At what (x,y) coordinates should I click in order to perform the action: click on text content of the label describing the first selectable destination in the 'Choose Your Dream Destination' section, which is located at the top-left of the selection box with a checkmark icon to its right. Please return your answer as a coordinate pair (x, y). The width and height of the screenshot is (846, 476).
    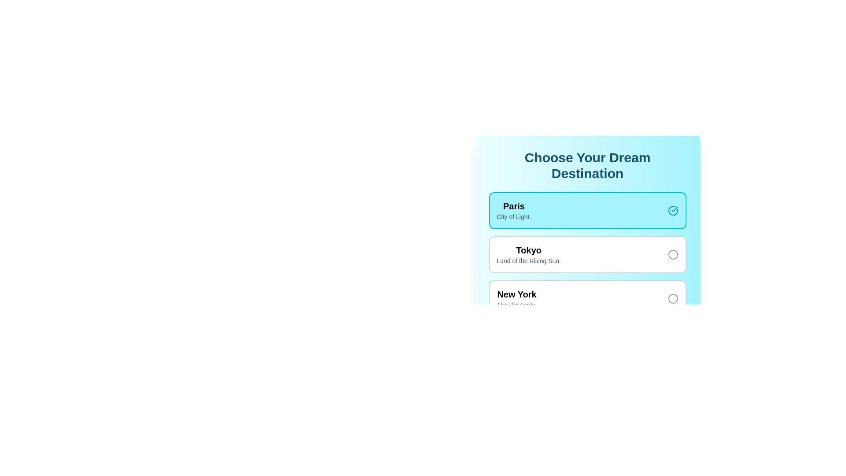
    Looking at the image, I should click on (514, 211).